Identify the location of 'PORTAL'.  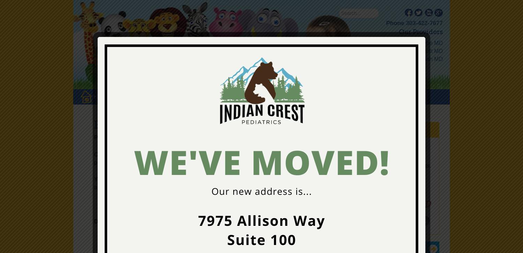
(358, 96).